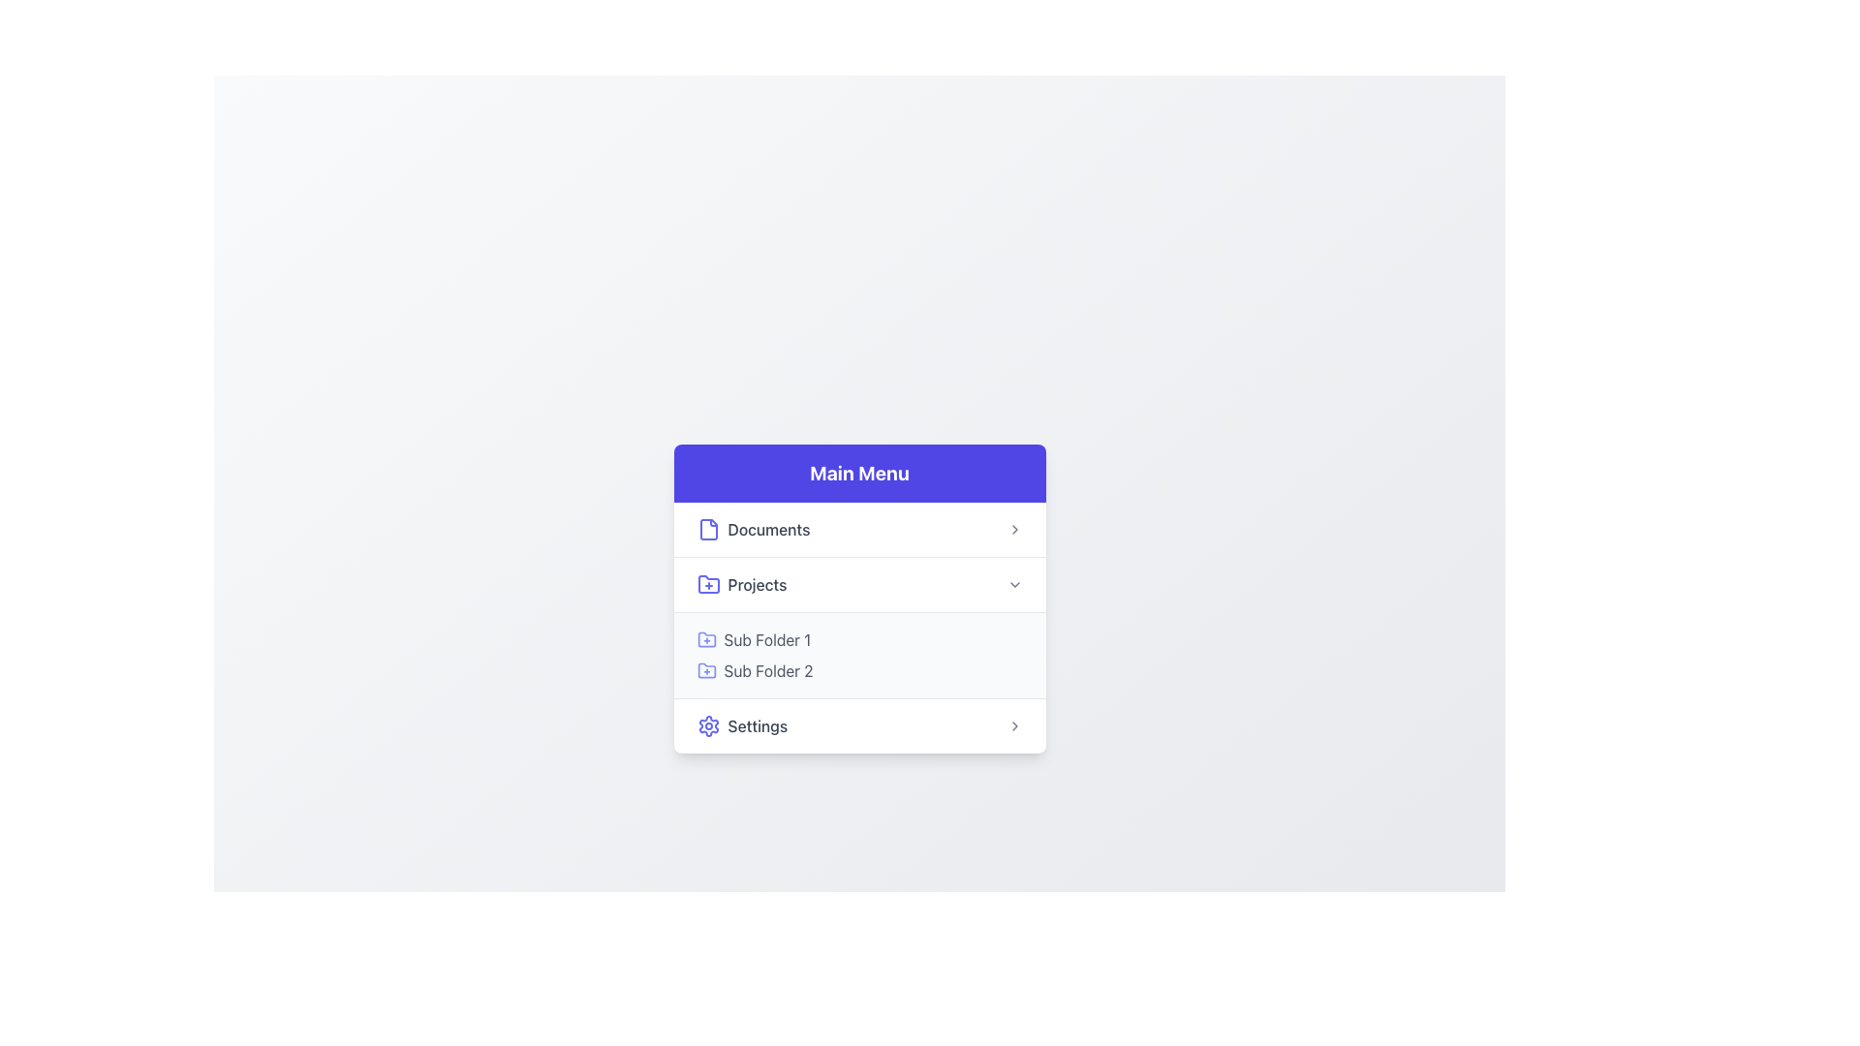 The width and height of the screenshot is (1860, 1046). Describe the element at coordinates (858, 724) in the screenshot. I see `the settings navigation link located at the bottom of the vertical menu list` at that location.